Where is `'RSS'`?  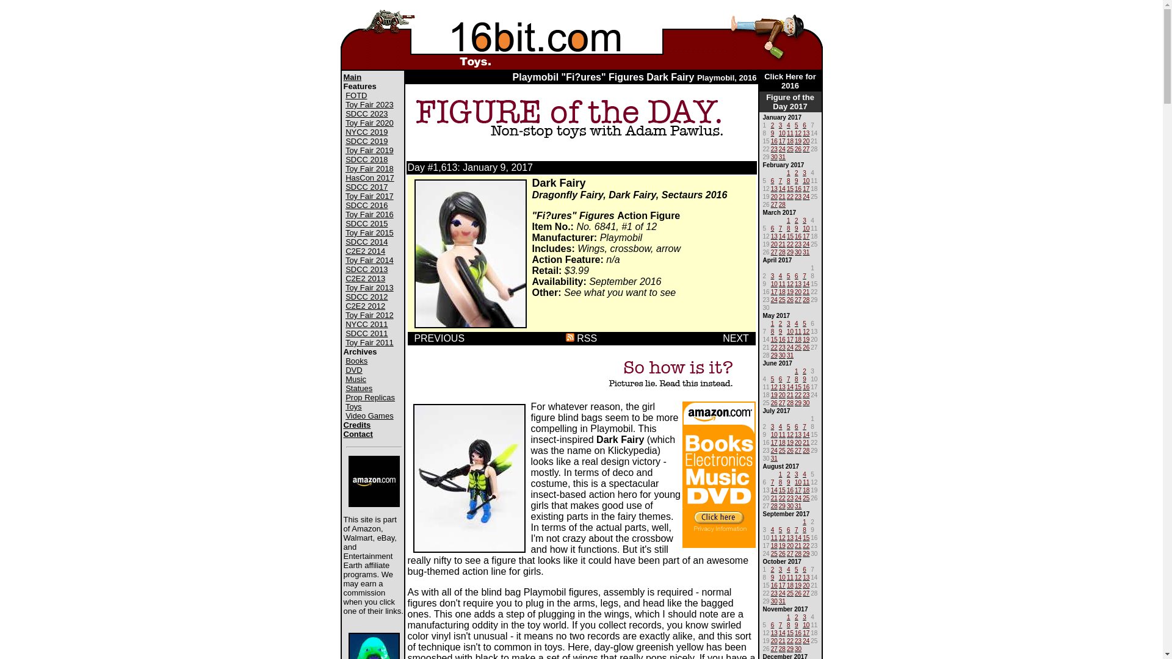 'RSS' is located at coordinates (565, 338).